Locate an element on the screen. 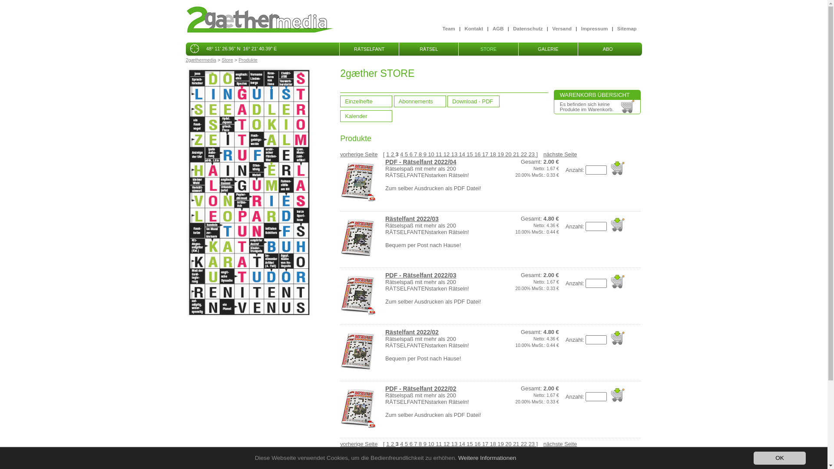 The height and width of the screenshot is (469, 834). 'STORE' is located at coordinates (488, 49).